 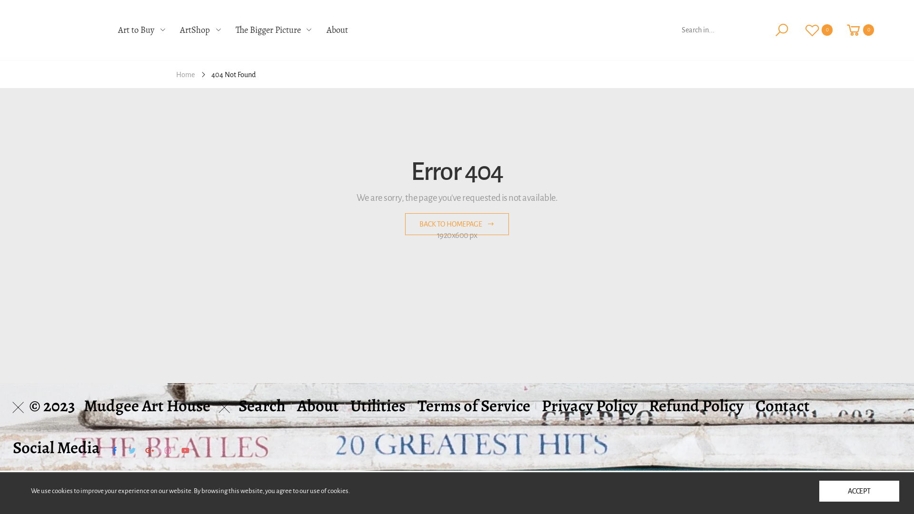 What do you see at coordinates (149, 450) in the screenshot?
I see `'Mudgee Art House on Google plus'` at bounding box center [149, 450].